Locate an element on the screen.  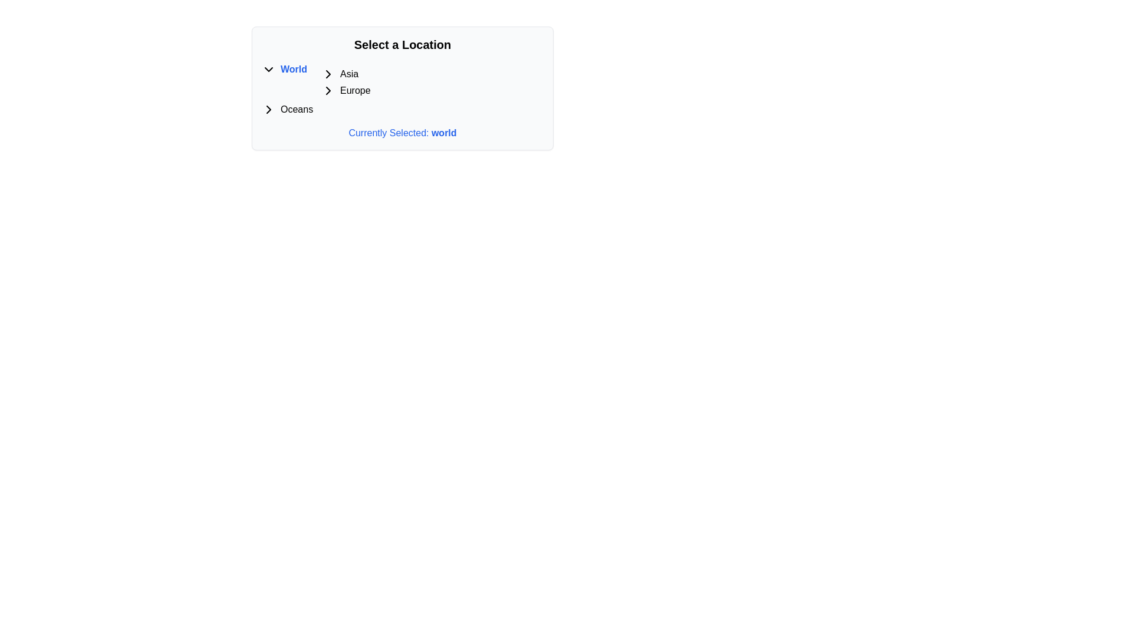
the small chevron arrow icon pointing to the right, located near the 'Oceans' text label is located at coordinates (268, 109).